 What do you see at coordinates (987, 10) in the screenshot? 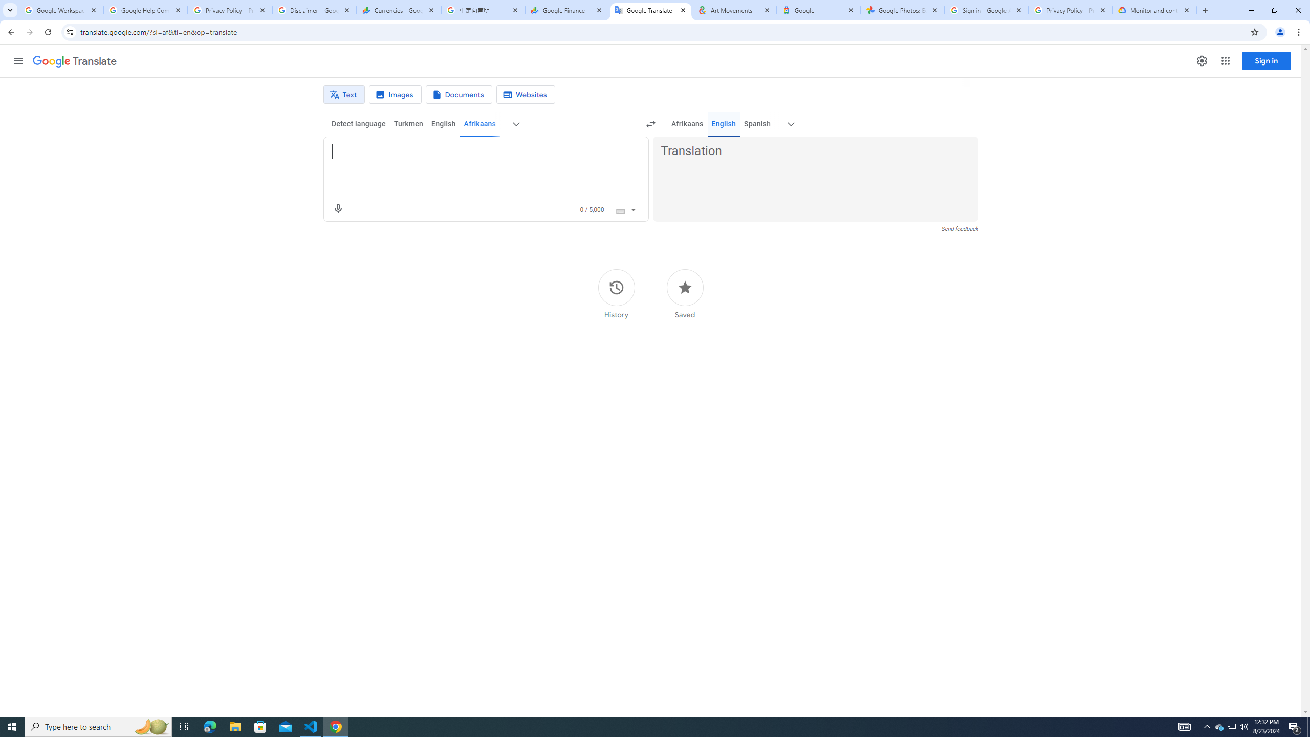
I see `'Sign in - Google Accounts'` at bounding box center [987, 10].